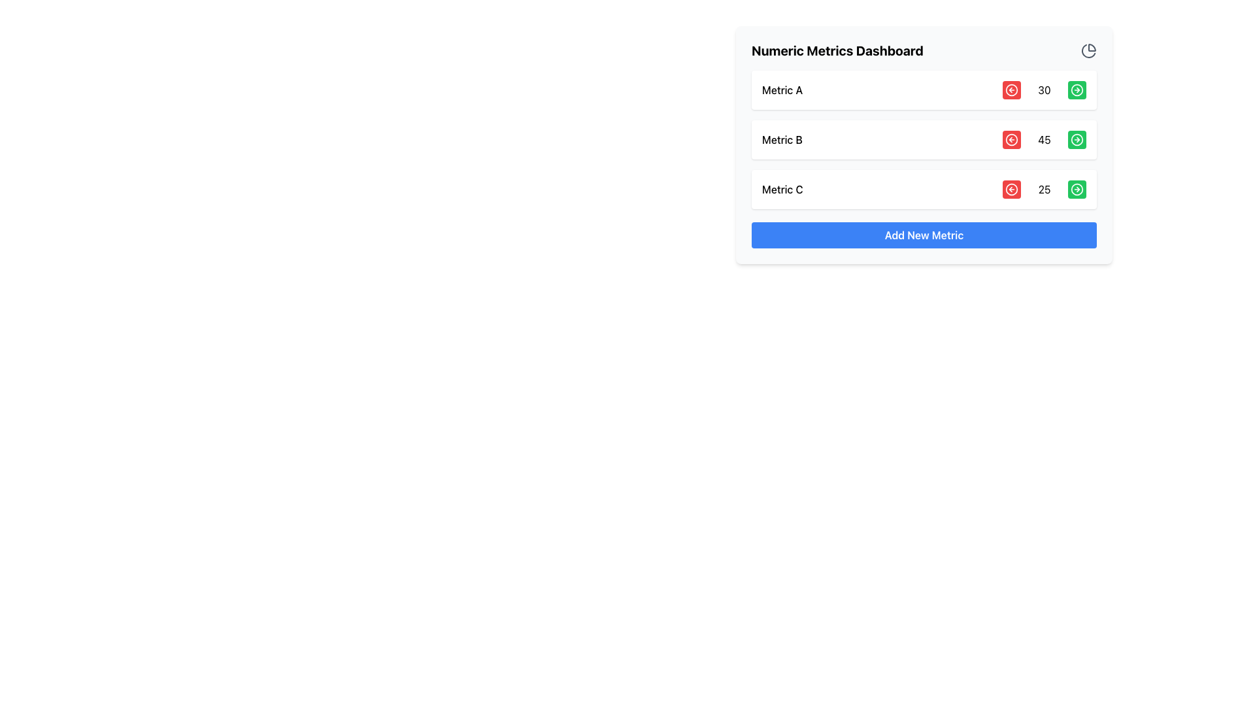  I want to click on value displayed in the numeric display for 'Metric B', which is centrally located between two circular action buttons, so click(1044, 139).